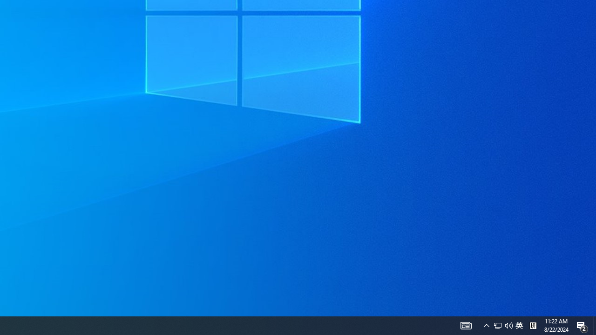  What do you see at coordinates (466, 325) in the screenshot?
I see `'AutomationID: 4105'` at bounding box center [466, 325].